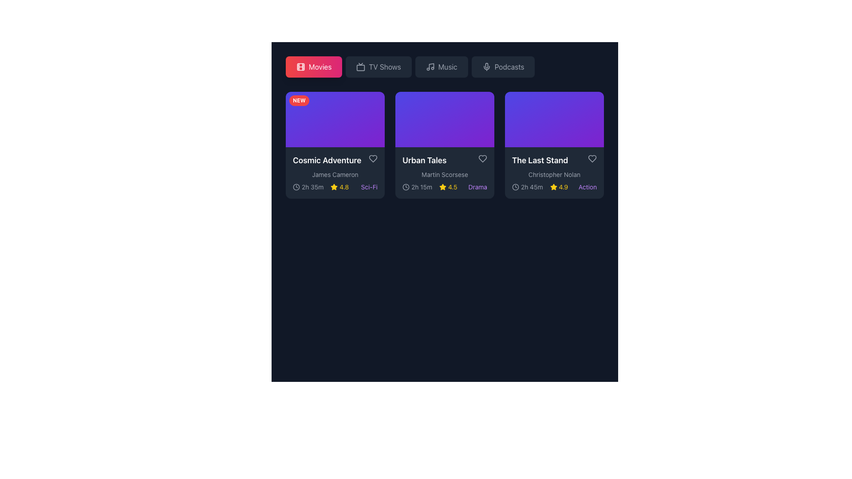 The height and width of the screenshot is (479, 852). What do you see at coordinates (300, 66) in the screenshot?
I see `the 'Movies' icon located at the far left of the button labeled 'Movies' in the top-left section of the menu bar` at bounding box center [300, 66].